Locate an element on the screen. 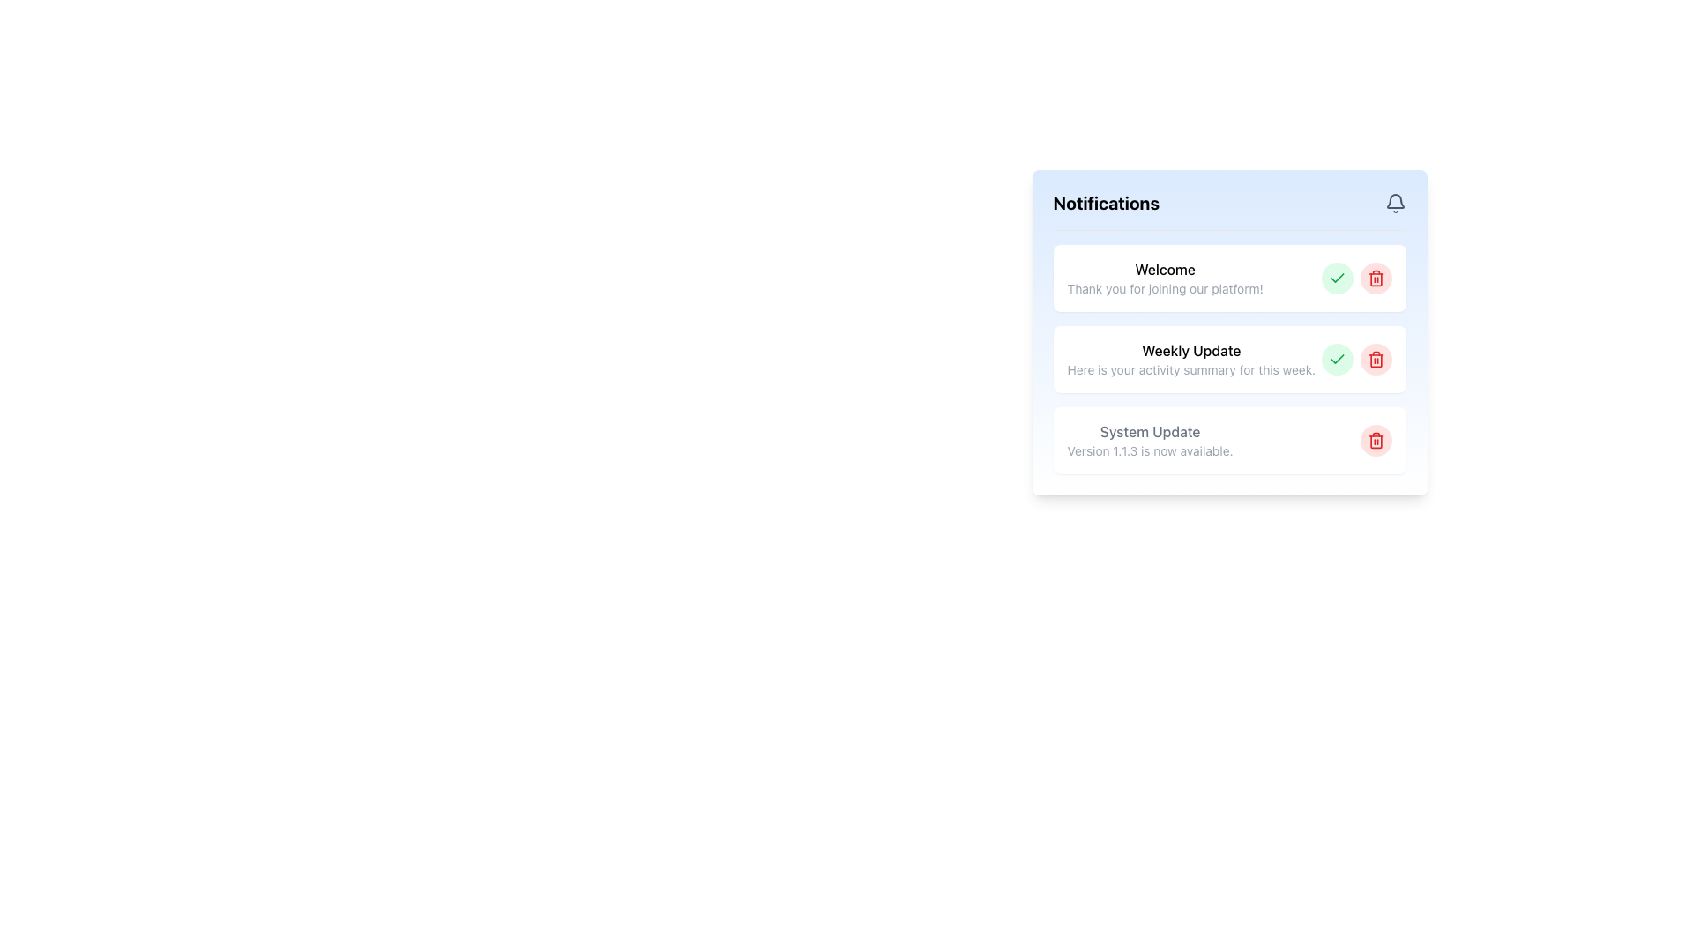  the red trash can icon button located in the upper-right corner of the 'Welcome' notification card is located at coordinates (1375, 278).